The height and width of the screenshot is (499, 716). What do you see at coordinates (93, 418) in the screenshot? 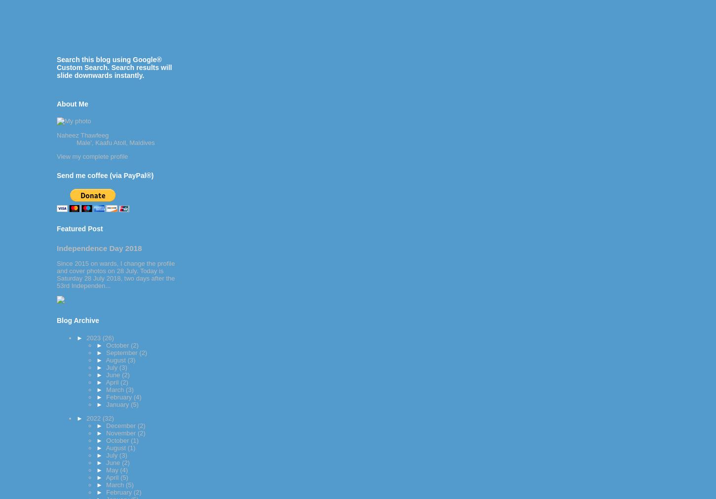
I see `'2022'` at bounding box center [93, 418].